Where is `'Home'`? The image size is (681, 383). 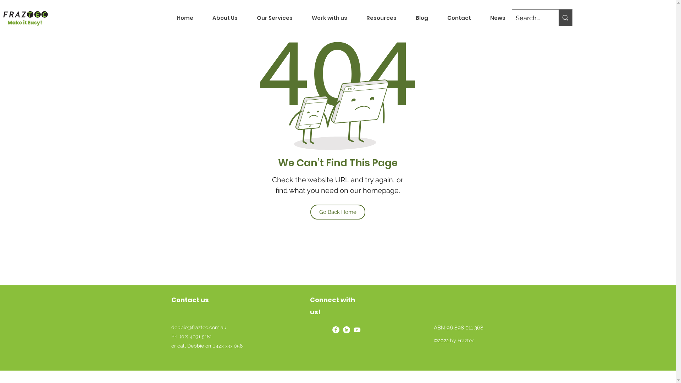 'Home' is located at coordinates (167, 17).